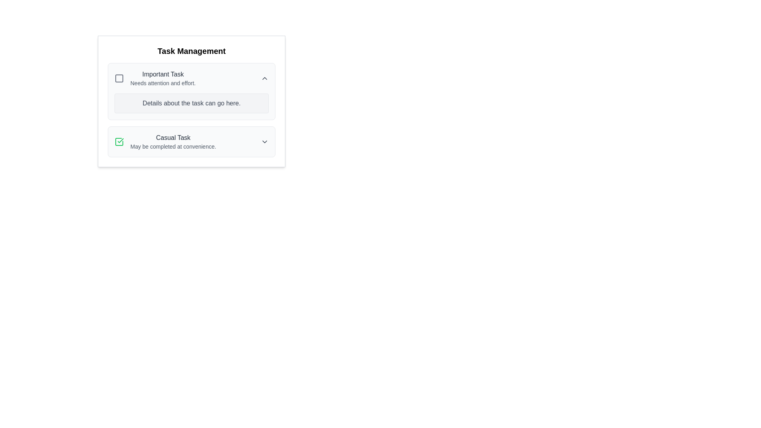 This screenshot has height=428, width=761. What do you see at coordinates (163, 83) in the screenshot?
I see `the small-sized text label that says 'Needs attention and effort.', which is positioned directly below the bolded text 'Important Task'` at bounding box center [163, 83].